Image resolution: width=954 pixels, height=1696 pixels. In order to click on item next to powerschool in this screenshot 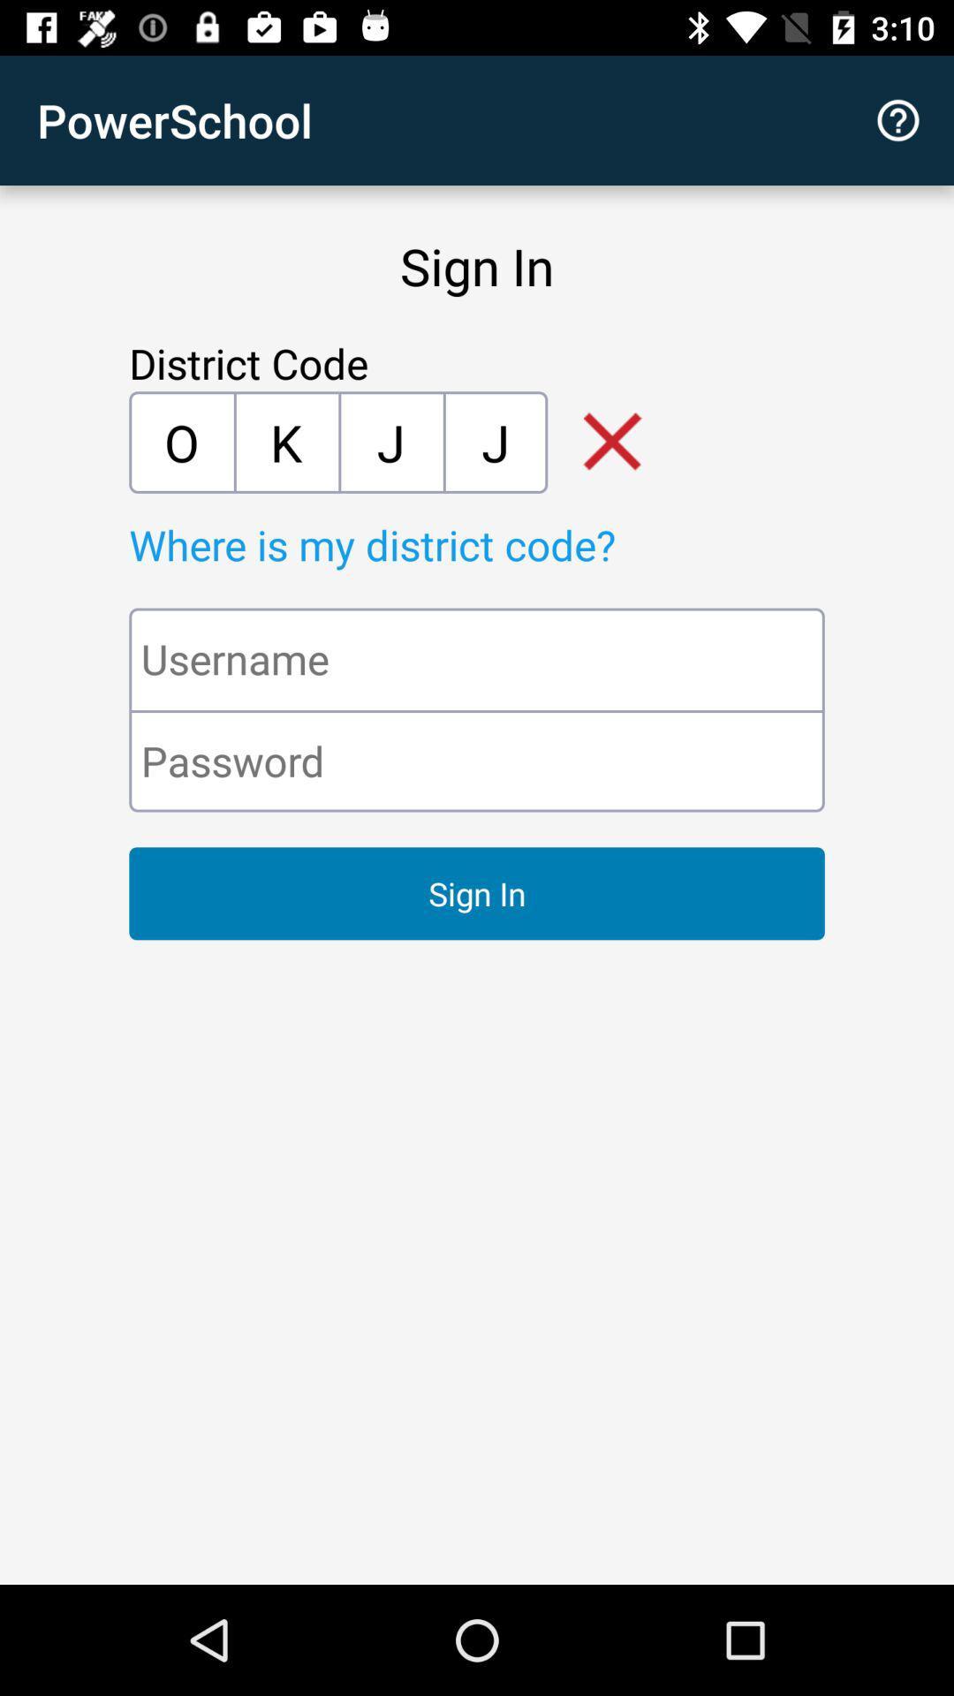, I will do `click(898, 119)`.